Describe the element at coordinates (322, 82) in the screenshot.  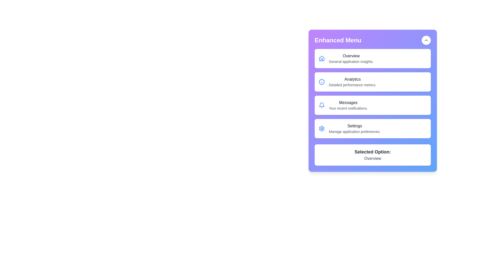
I see `the decorative circle vector graphic element in the second row of the 'Enhanced Menu' next to the 'Analytics' label` at that location.